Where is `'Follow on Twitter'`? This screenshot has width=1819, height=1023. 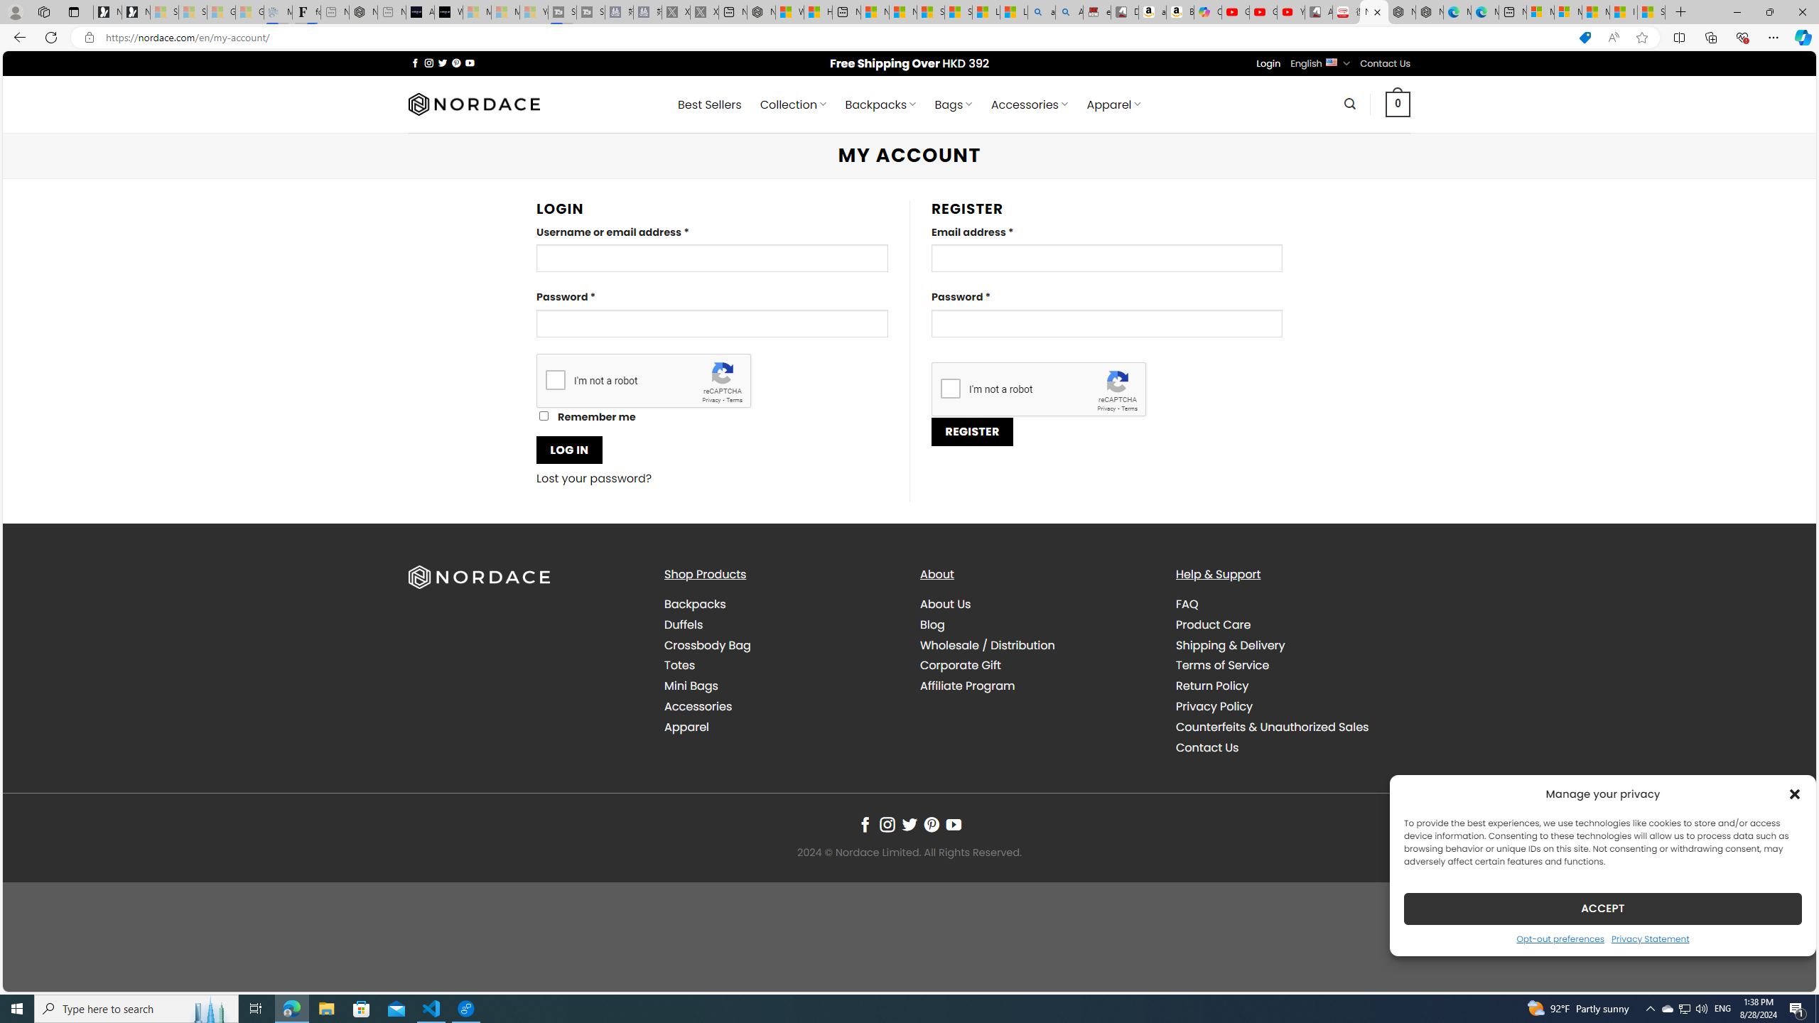 'Follow on Twitter' is located at coordinates (909, 824).